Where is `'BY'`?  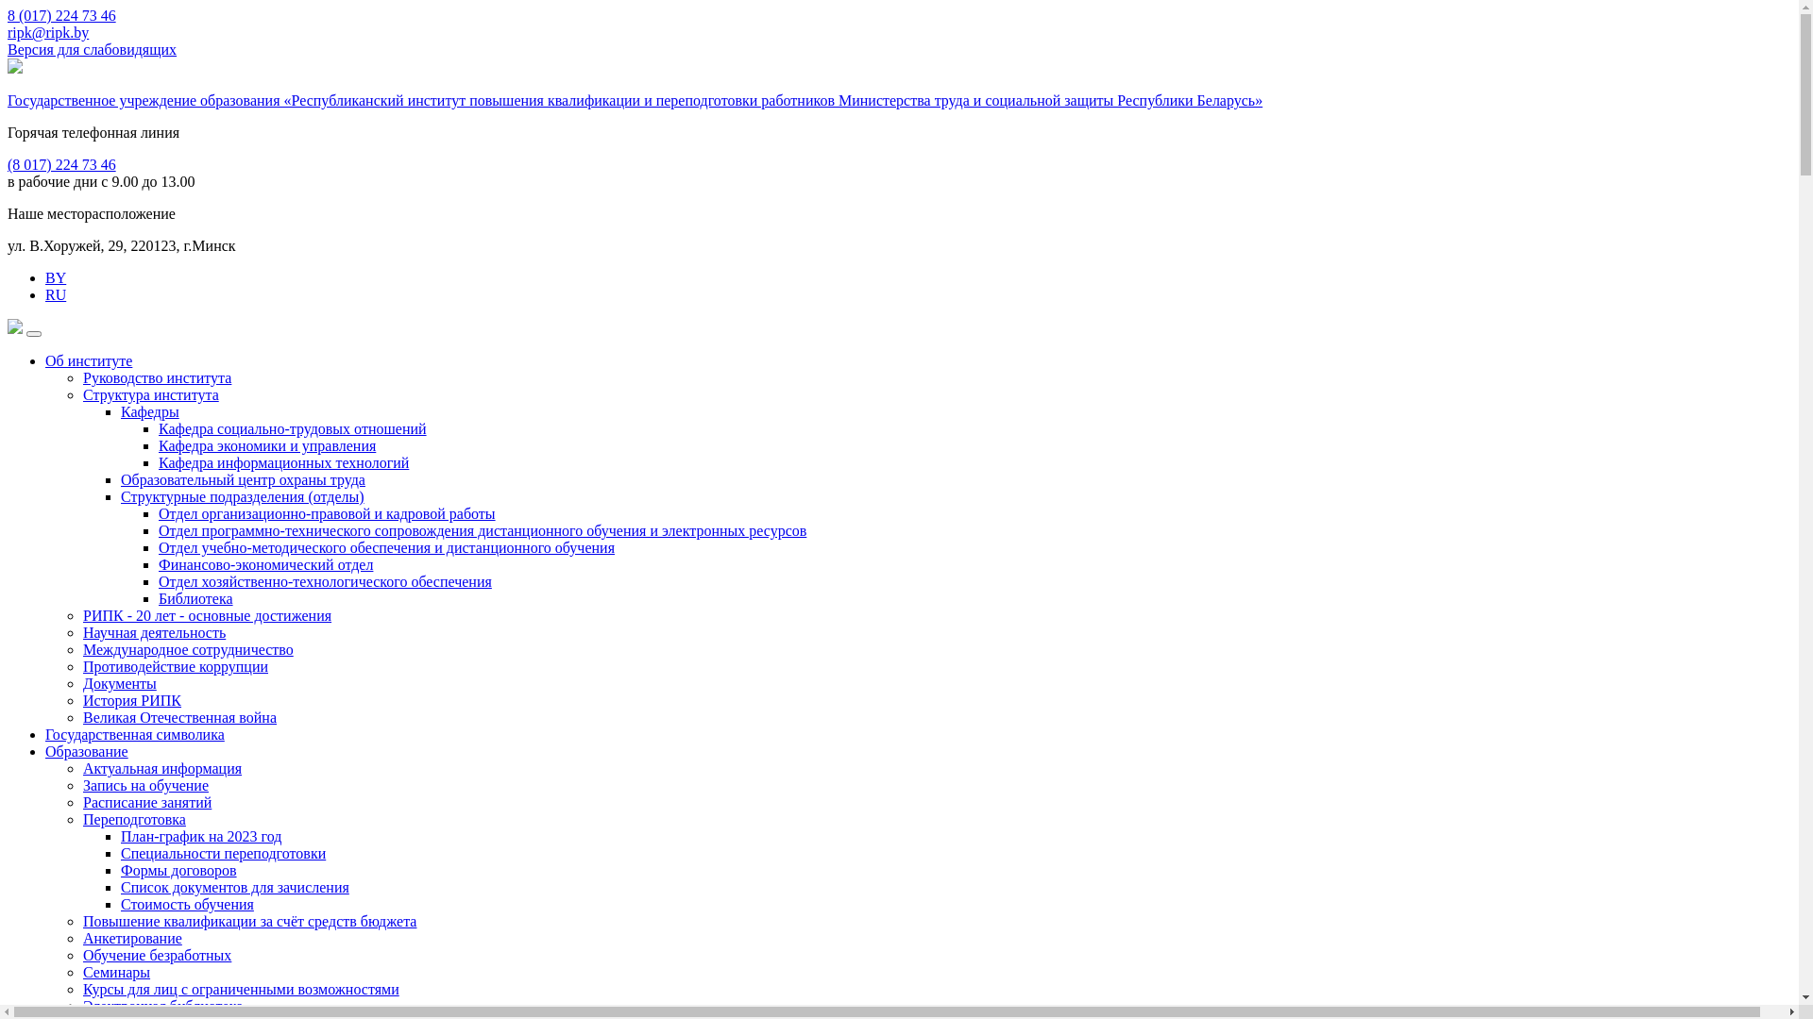
'BY' is located at coordinates (55, 277).